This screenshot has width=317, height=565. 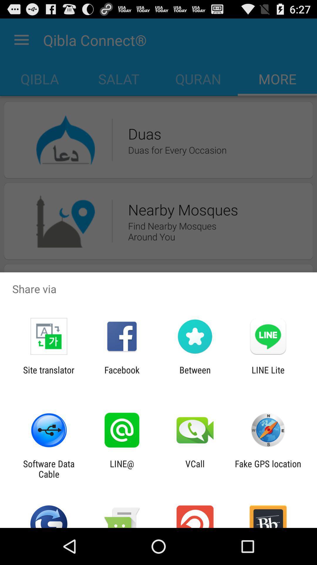 I want to click on icon next to the facebook item, so click(x=48, y=375).